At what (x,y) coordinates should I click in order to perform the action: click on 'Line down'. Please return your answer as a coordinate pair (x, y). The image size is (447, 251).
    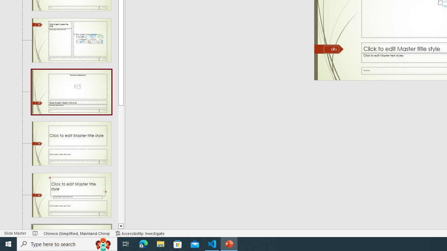
    Looking at the image, I should click on (121, 226).